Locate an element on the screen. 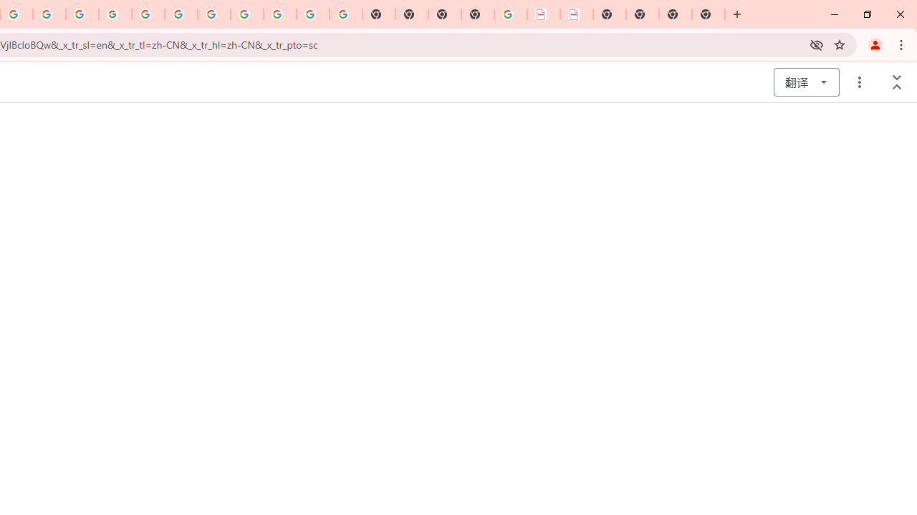 This screenshot has width=917, height=515. 'LAAD Defence & Security 2025 | BAE Systems' is located at coordinates (543, 14).